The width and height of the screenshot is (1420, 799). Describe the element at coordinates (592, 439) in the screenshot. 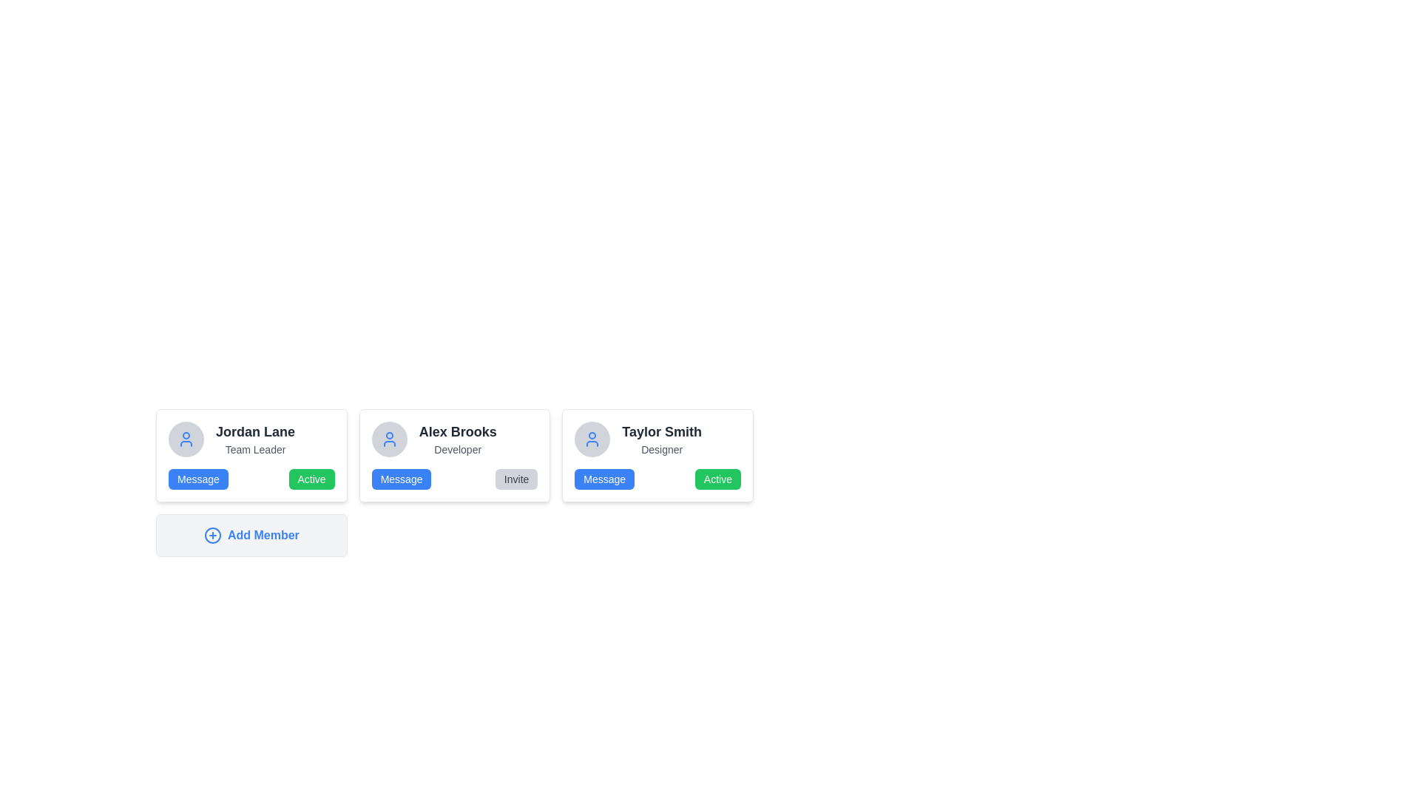

I see `the Profile picture placeholder, which is a circular icon with a gray background and a blue outline of a user symbol, located at the top-left corner of the user card for 'Taylor Smith'` at that location.